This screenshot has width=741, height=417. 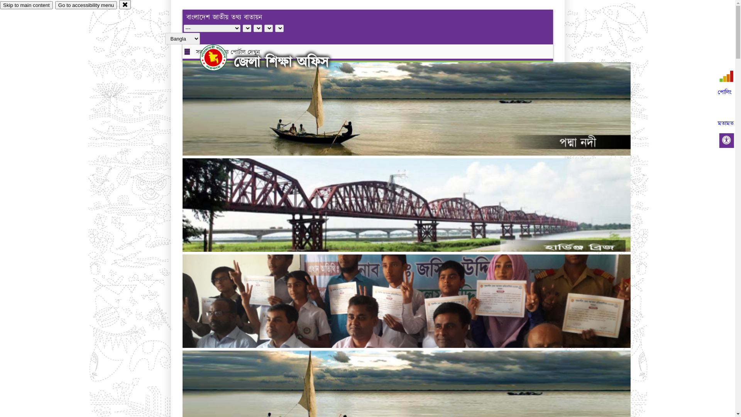 I want to click on 'Go to accessibility menu', so click(x=86, y=5).